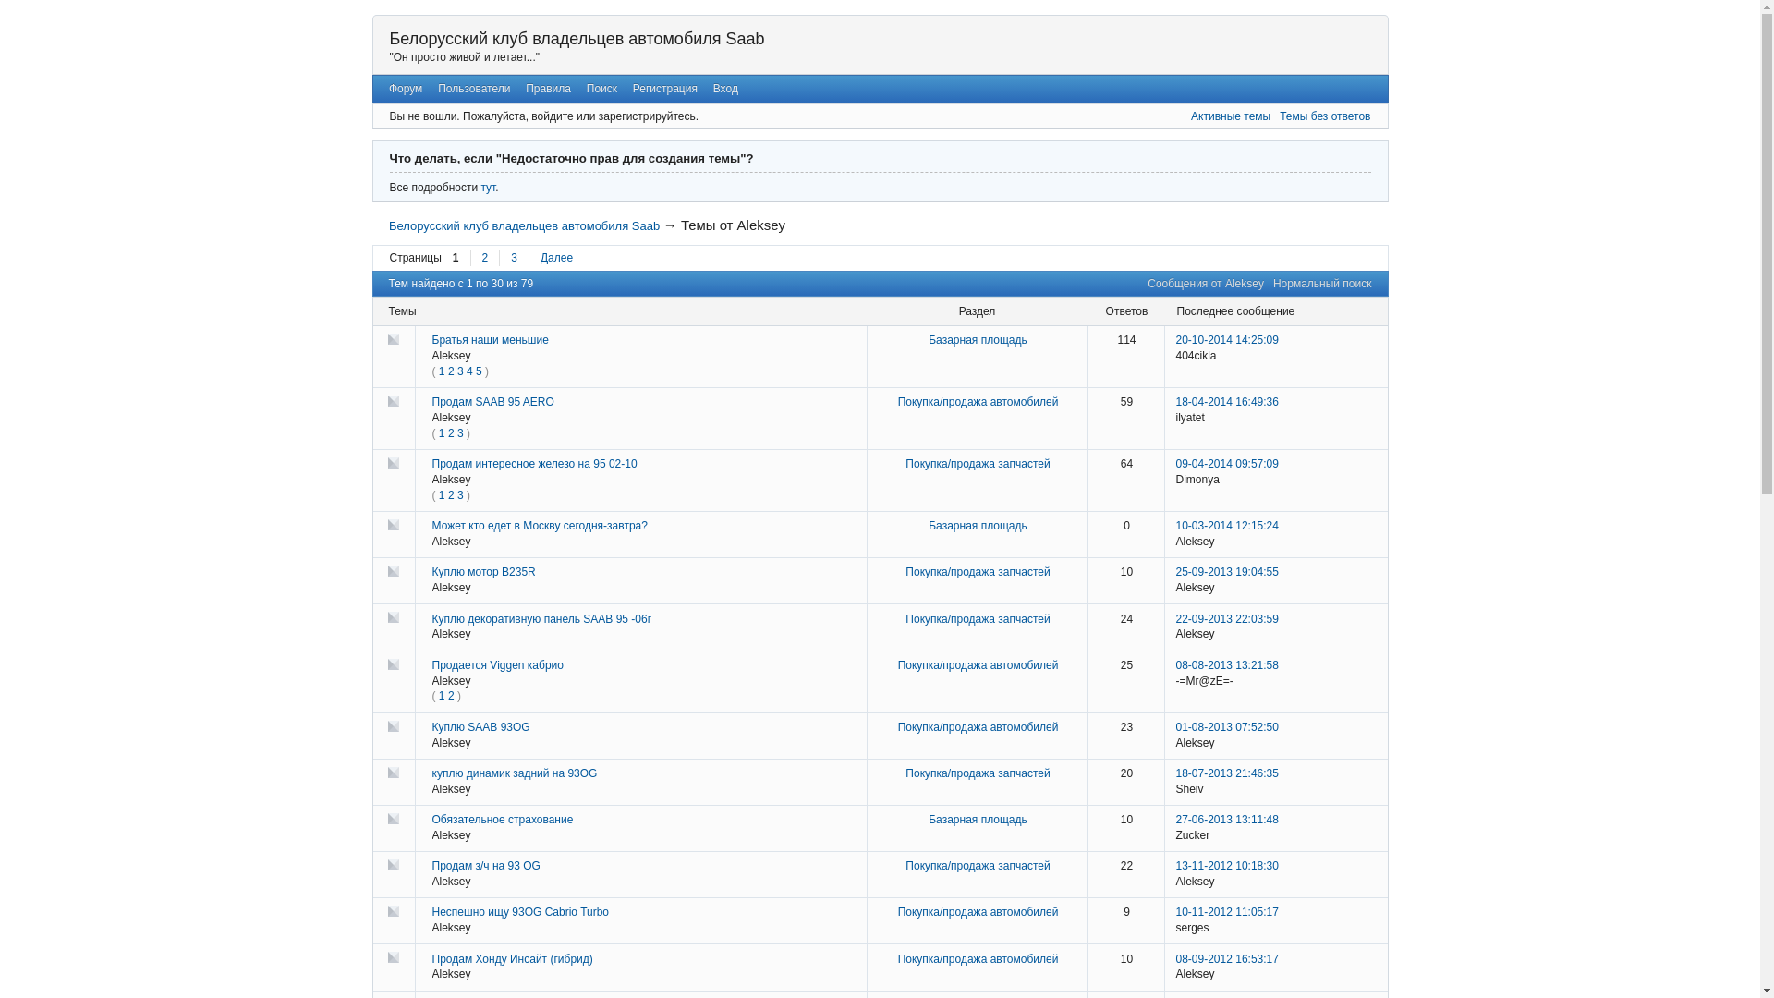  Describe the element at coordinates (1174, 526) in the screenshot. I see `'10-03-2014 12:15:24'` at that location.